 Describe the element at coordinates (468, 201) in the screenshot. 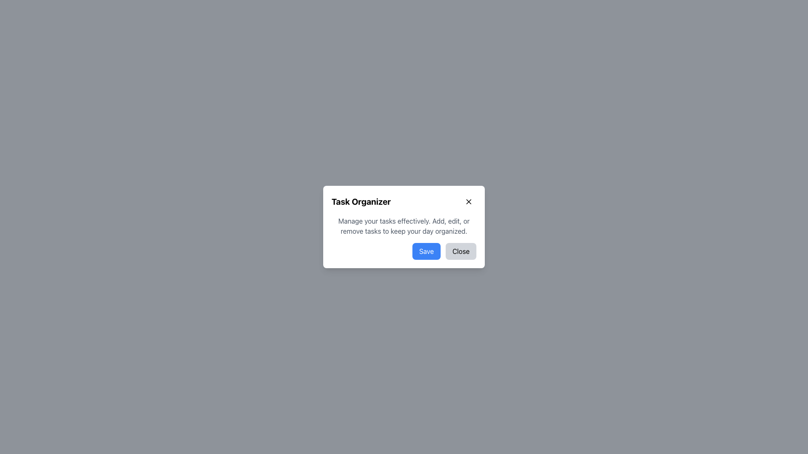

I see `the Close icon located within the SVG graphic in the top-right corner of the dialog box titled 'Task Organizer' to receive possible visual feedback` at that location.